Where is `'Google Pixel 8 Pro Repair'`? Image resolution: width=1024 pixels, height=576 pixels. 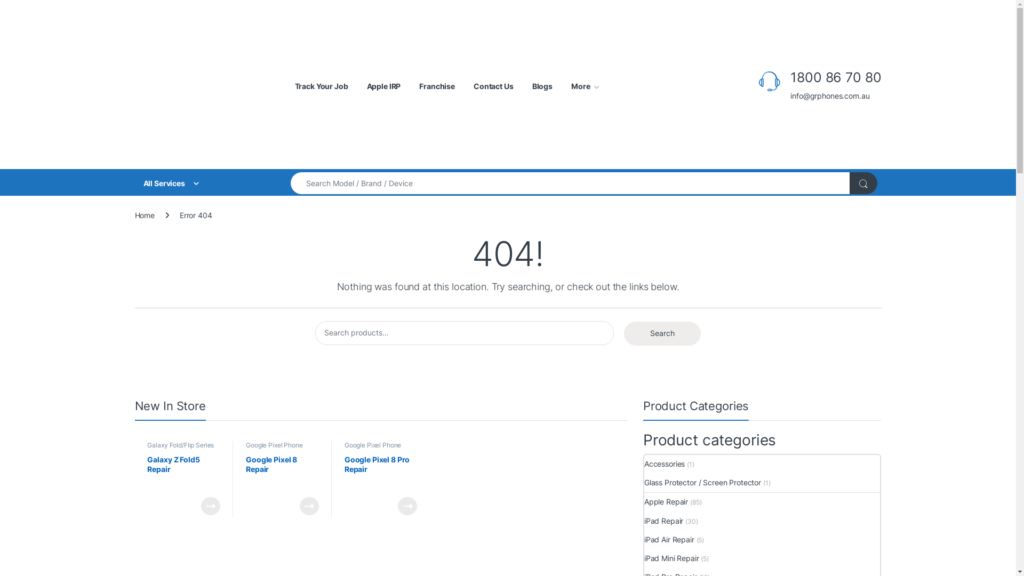
'Google Pixel 8 Pro Repair' is located at coordinates (381, 473).